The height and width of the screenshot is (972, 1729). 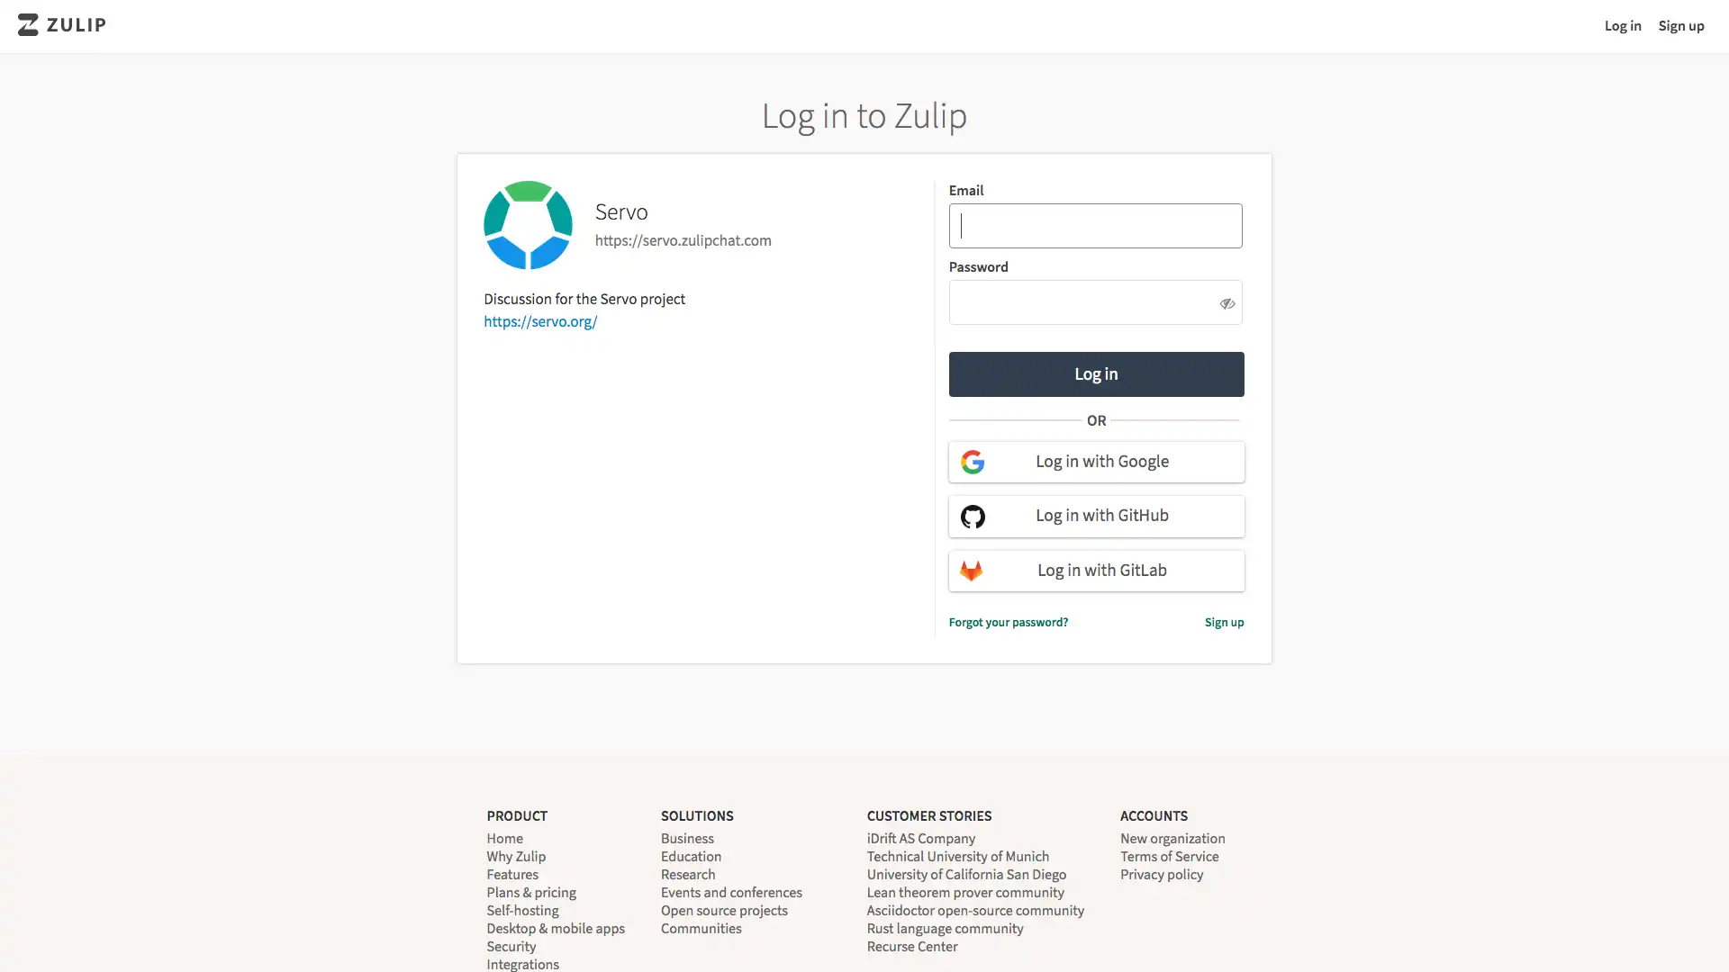 What do you see at coordinates (1095, 570) in the screenshot?
I see `Log in with GitLab` at bounding box center [1095, 570].